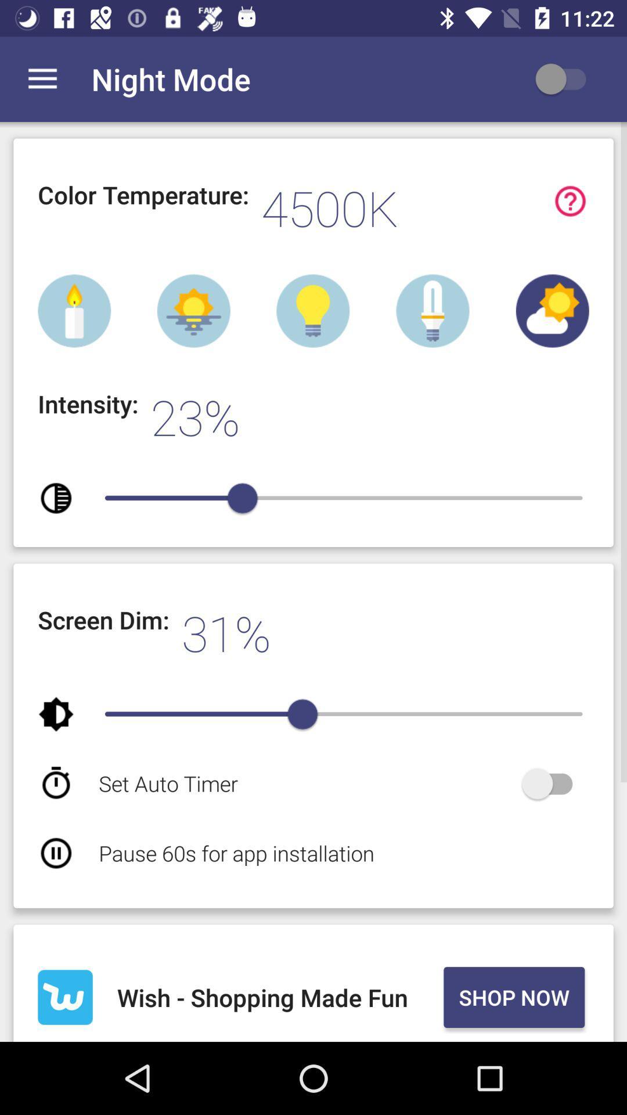  I want to click on the item to the left of the wish shopping made item, so click(65, 997).